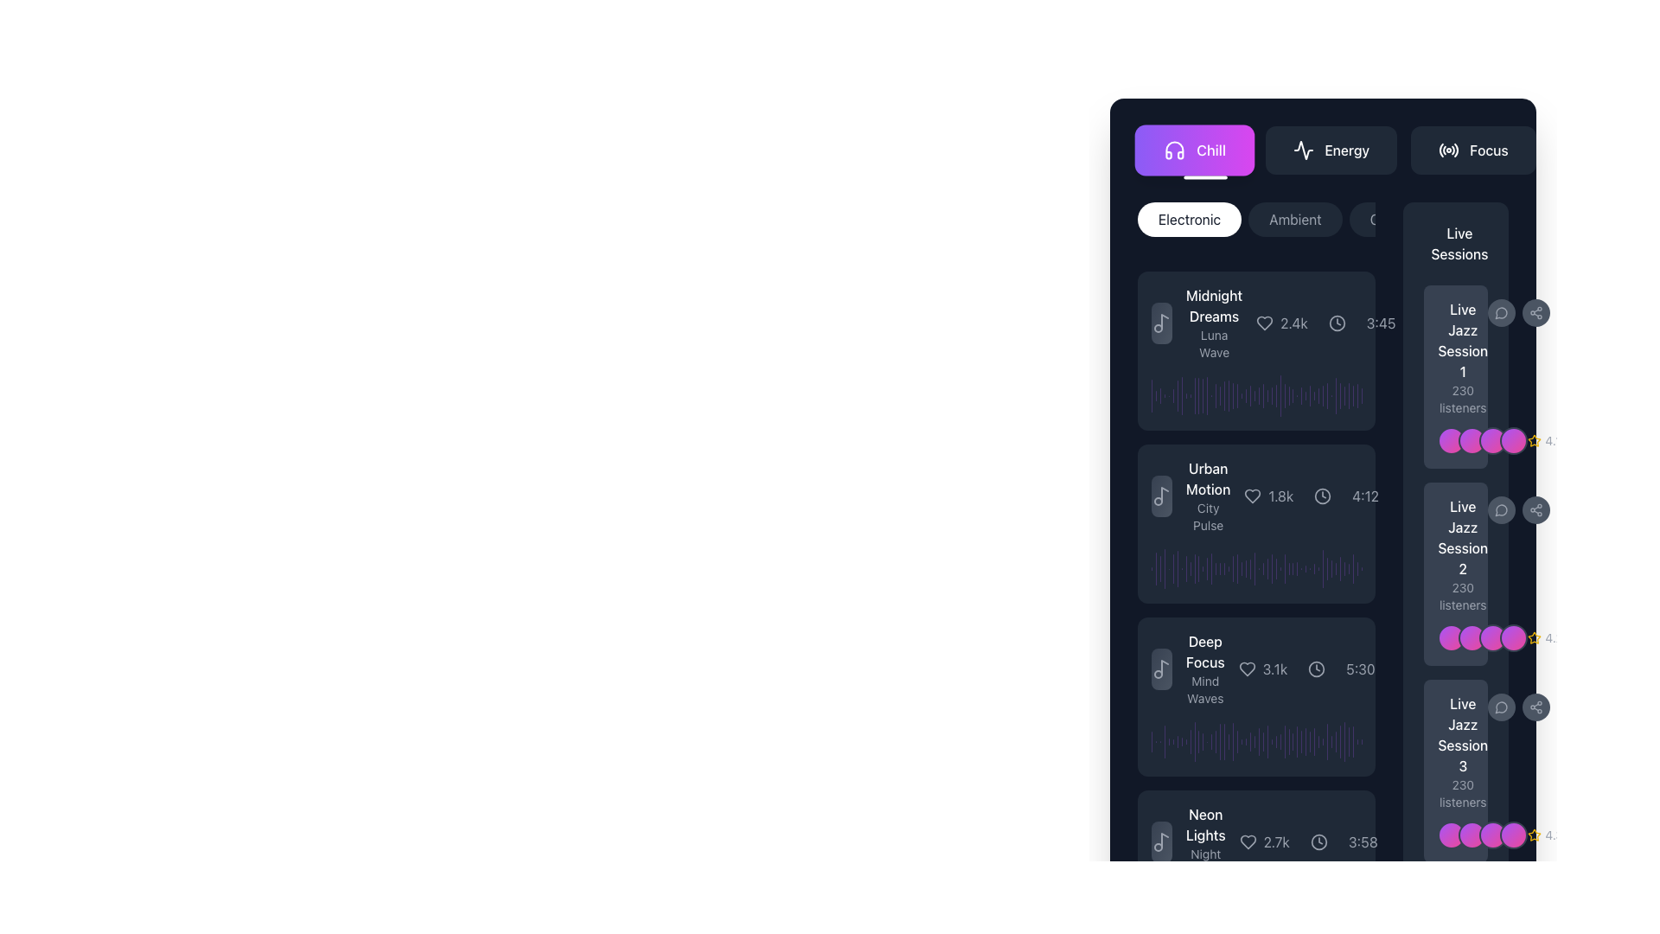  Describe the element at coordinates (1472, 439) in the screenshot. I see `the second circular decorative element with a gradient color transitioning from purple to pink, enclosed by a bold gray border, located next to the 'Live Jazz Session 1' block` at that location.